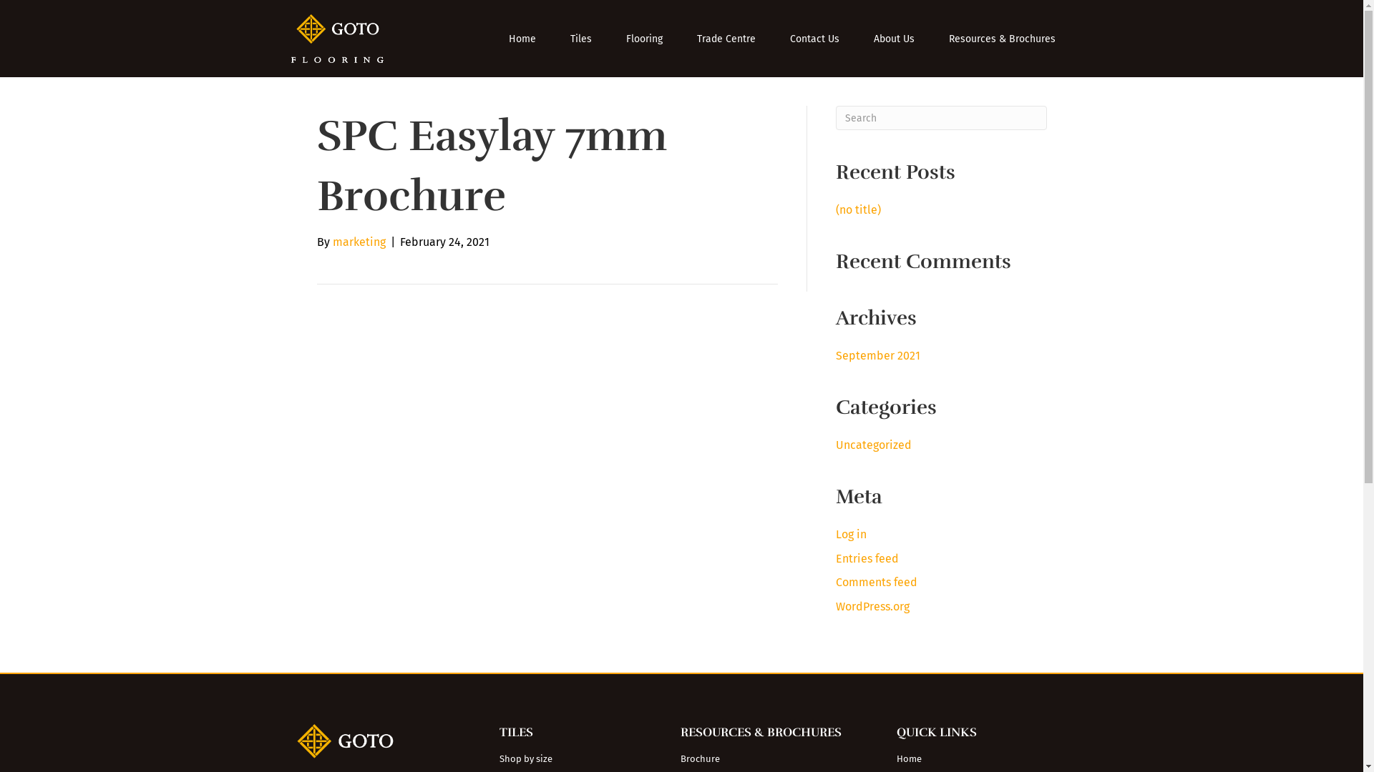 The image size is (1374, 772). Describe the element at coordinates (941, 117) in the screenshot. I see `'Type and press Enter to search.'` at that location.